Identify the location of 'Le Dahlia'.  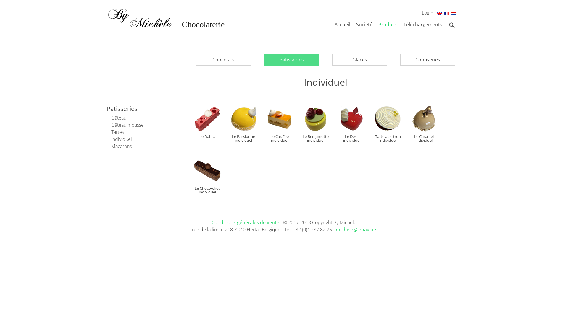
(194, 122).